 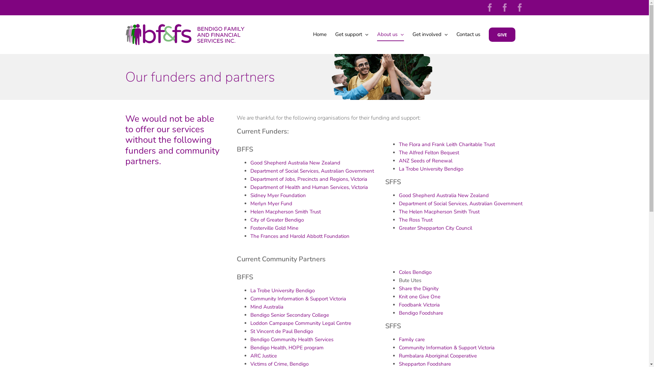 What do you see at coordinates (271, 203) in the screenshot?
I see `'Merlyn Myer Fund'` at bounding box center [271, 203].